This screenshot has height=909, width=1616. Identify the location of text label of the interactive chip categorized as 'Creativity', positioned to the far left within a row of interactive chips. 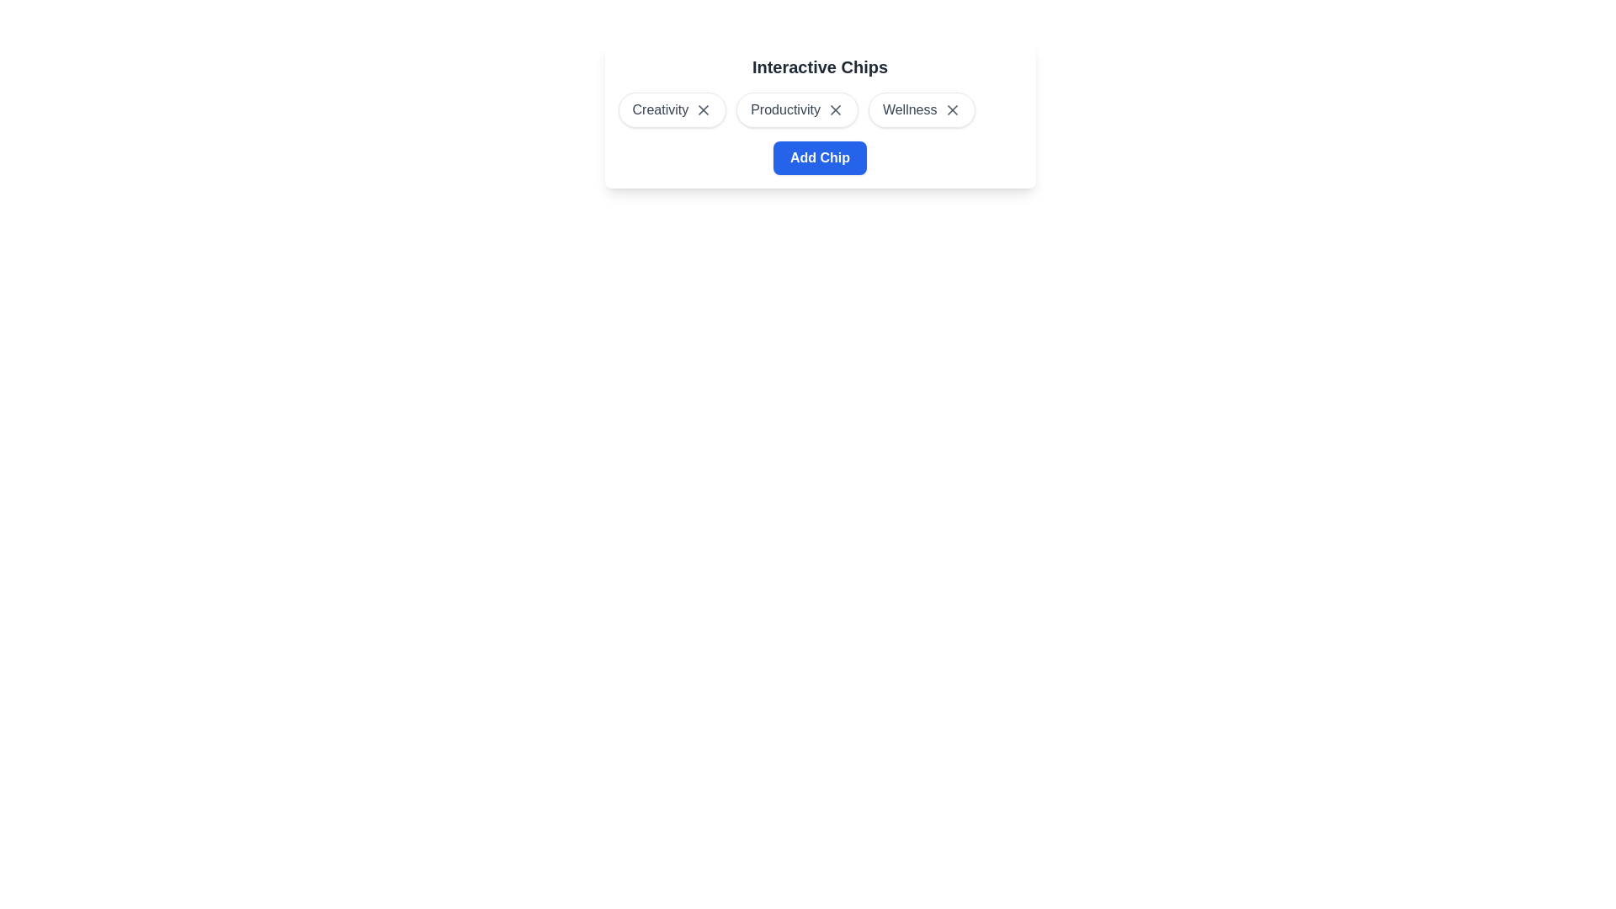
(659, 110).